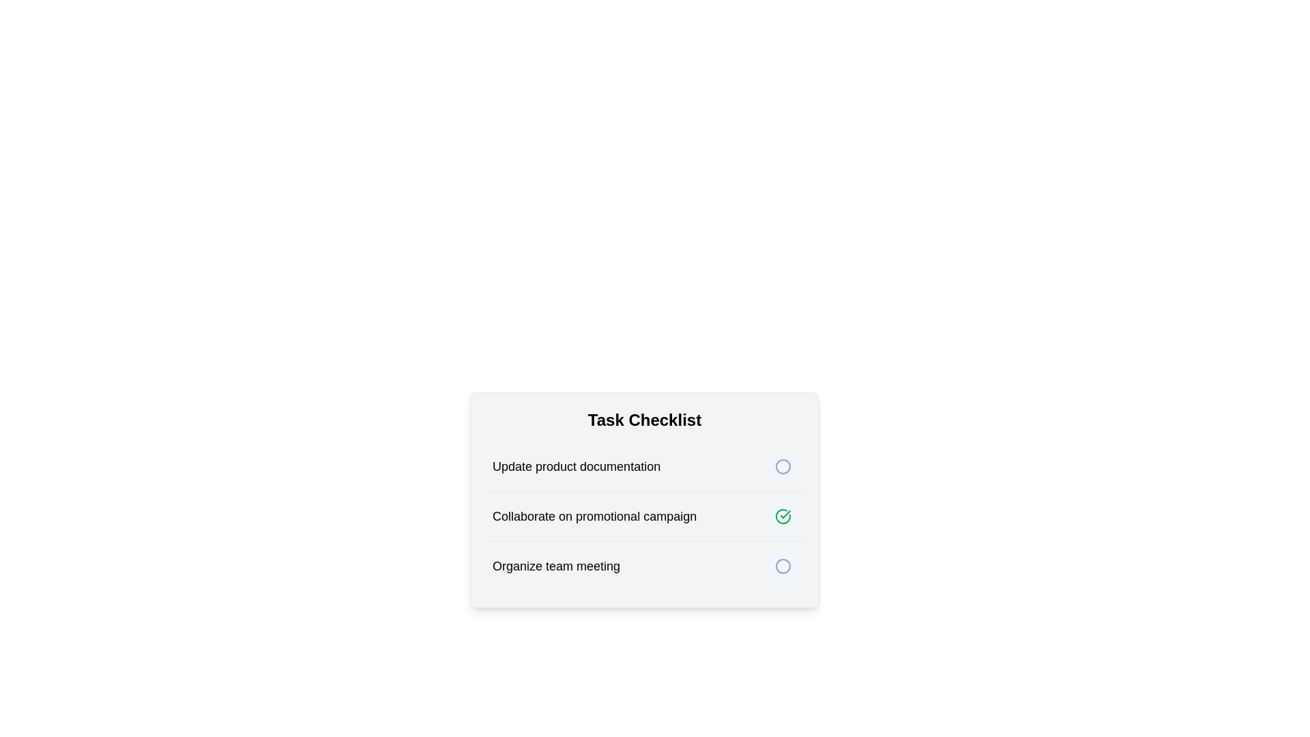 Image resolution: width=1310 pixels, height=737 pixels. Describe the element at coordinates (783, 465) in the screenshot. I see `the status indicator icon located in the rightmost column of the first row of the checklist, next to 'Update product documentation', to change its state` at that location.